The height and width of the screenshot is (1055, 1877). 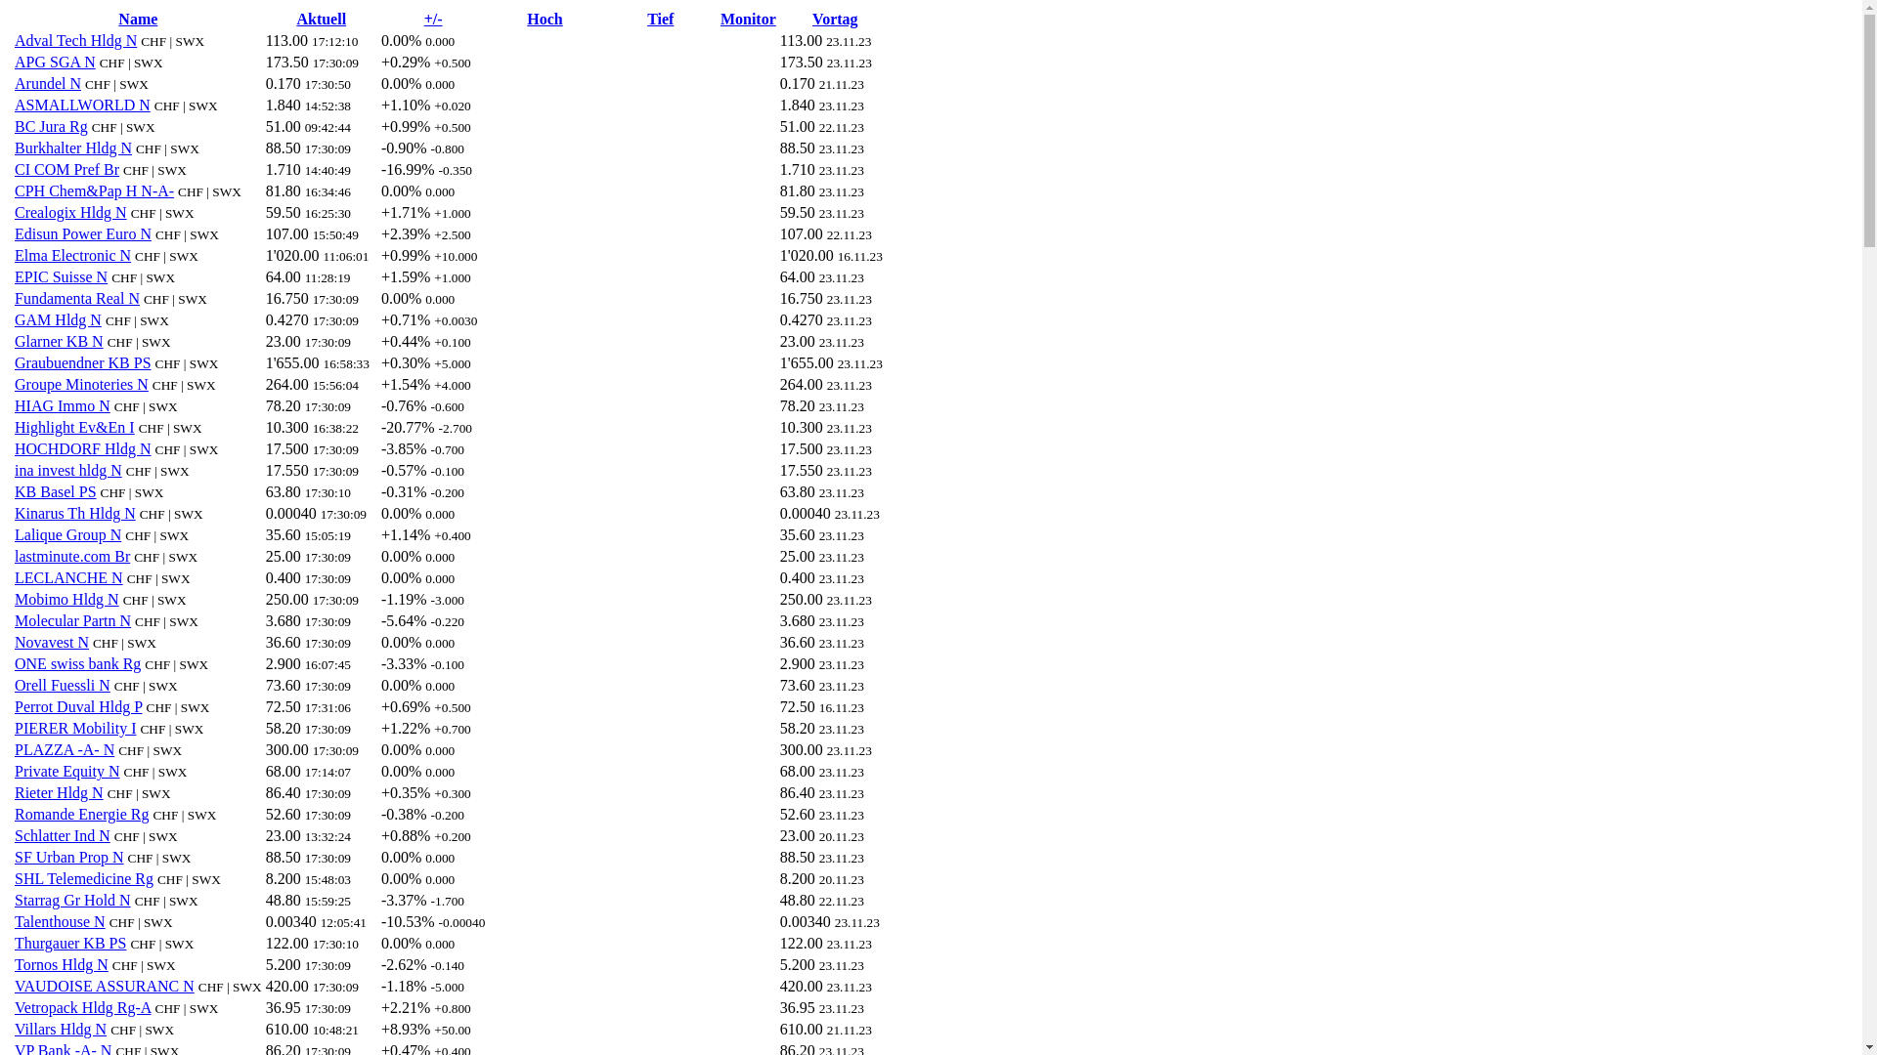 What do you see at coordinates (61, 1028) in the screenshot?
I see `'Villars Hldg N'` at bounding box center [61, 1028].